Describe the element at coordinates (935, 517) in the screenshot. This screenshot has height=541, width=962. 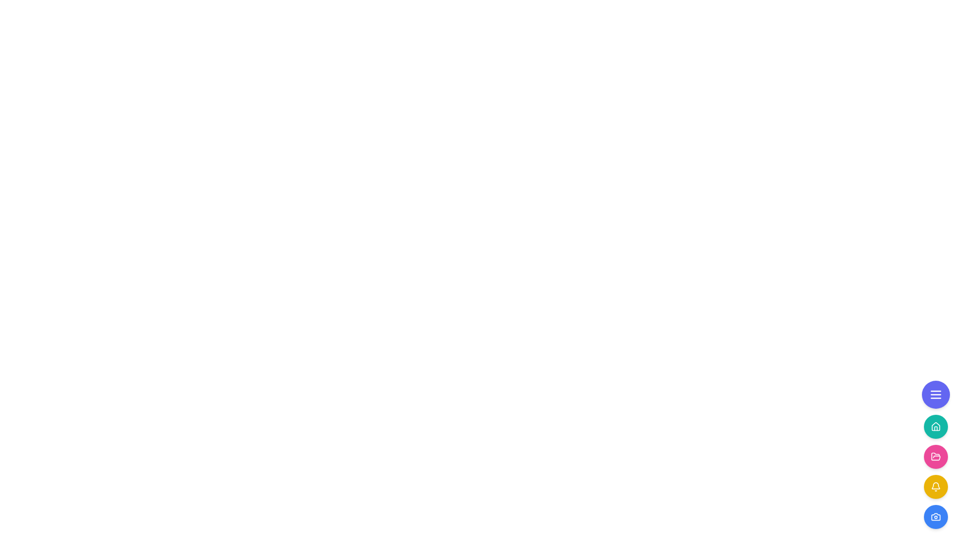
I see `the camera icon embedded in the circular button located at the bottom of the vertical navigation bar` at that location.